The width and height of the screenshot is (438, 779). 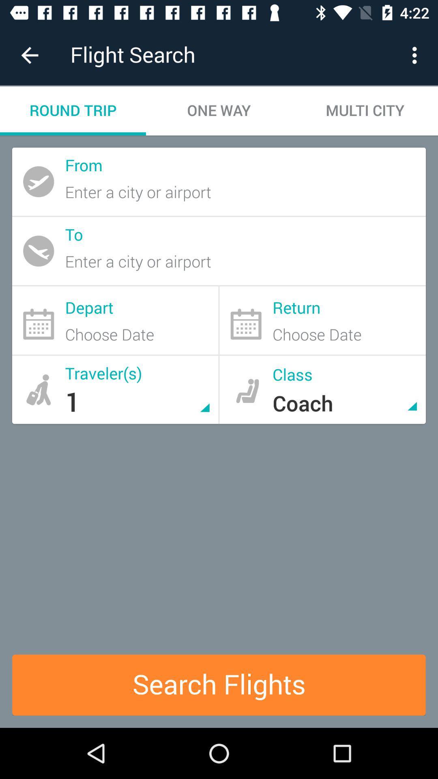 I want to click on item to the right of the one way icon, so click(x=417, y=55).